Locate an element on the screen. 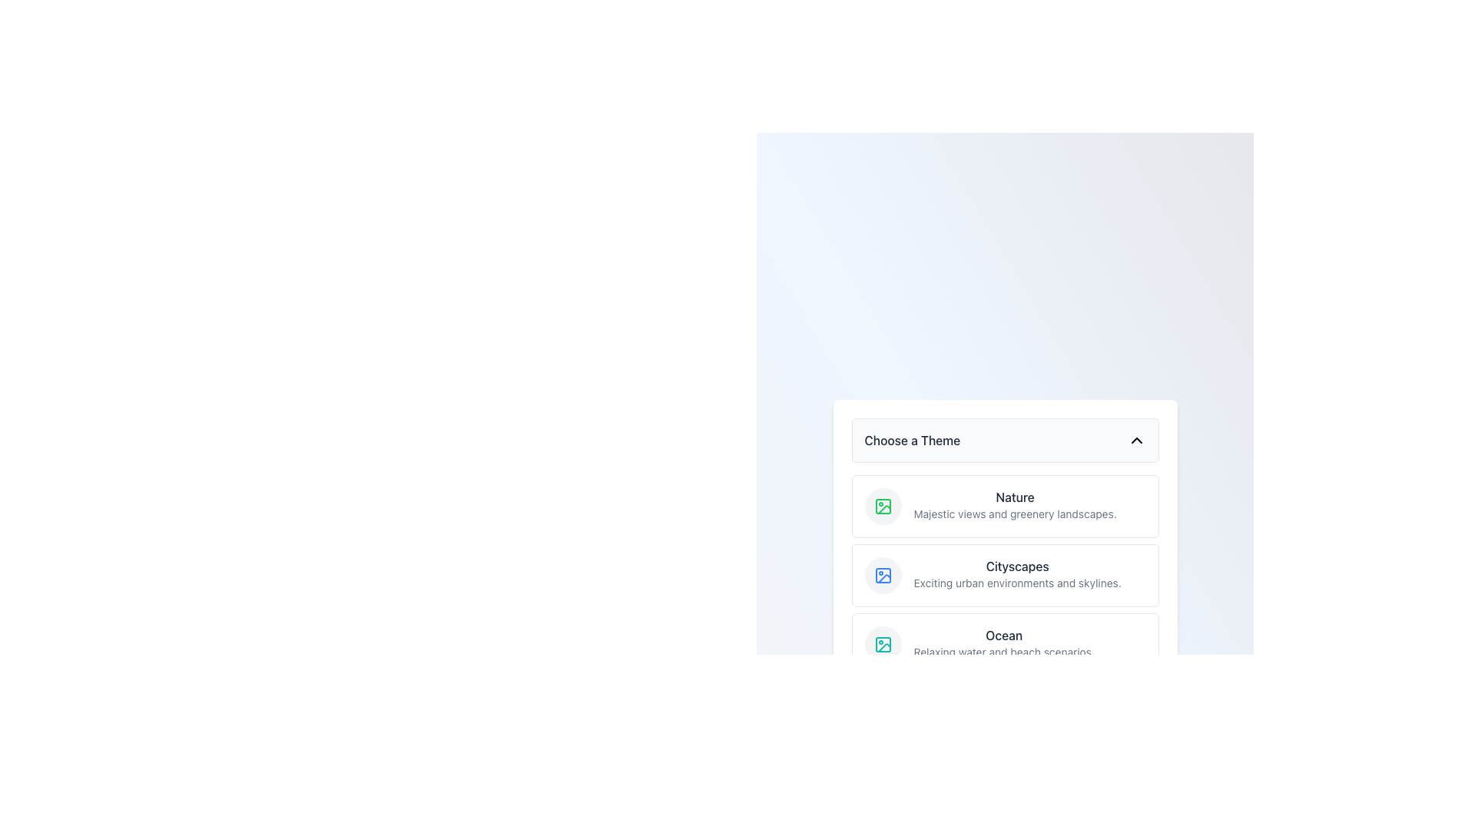 The height and width of the screenshot is (829, 1475). the second selectable list item representing the 'Cityscapes' theme is located at coordinates (1005, 575).